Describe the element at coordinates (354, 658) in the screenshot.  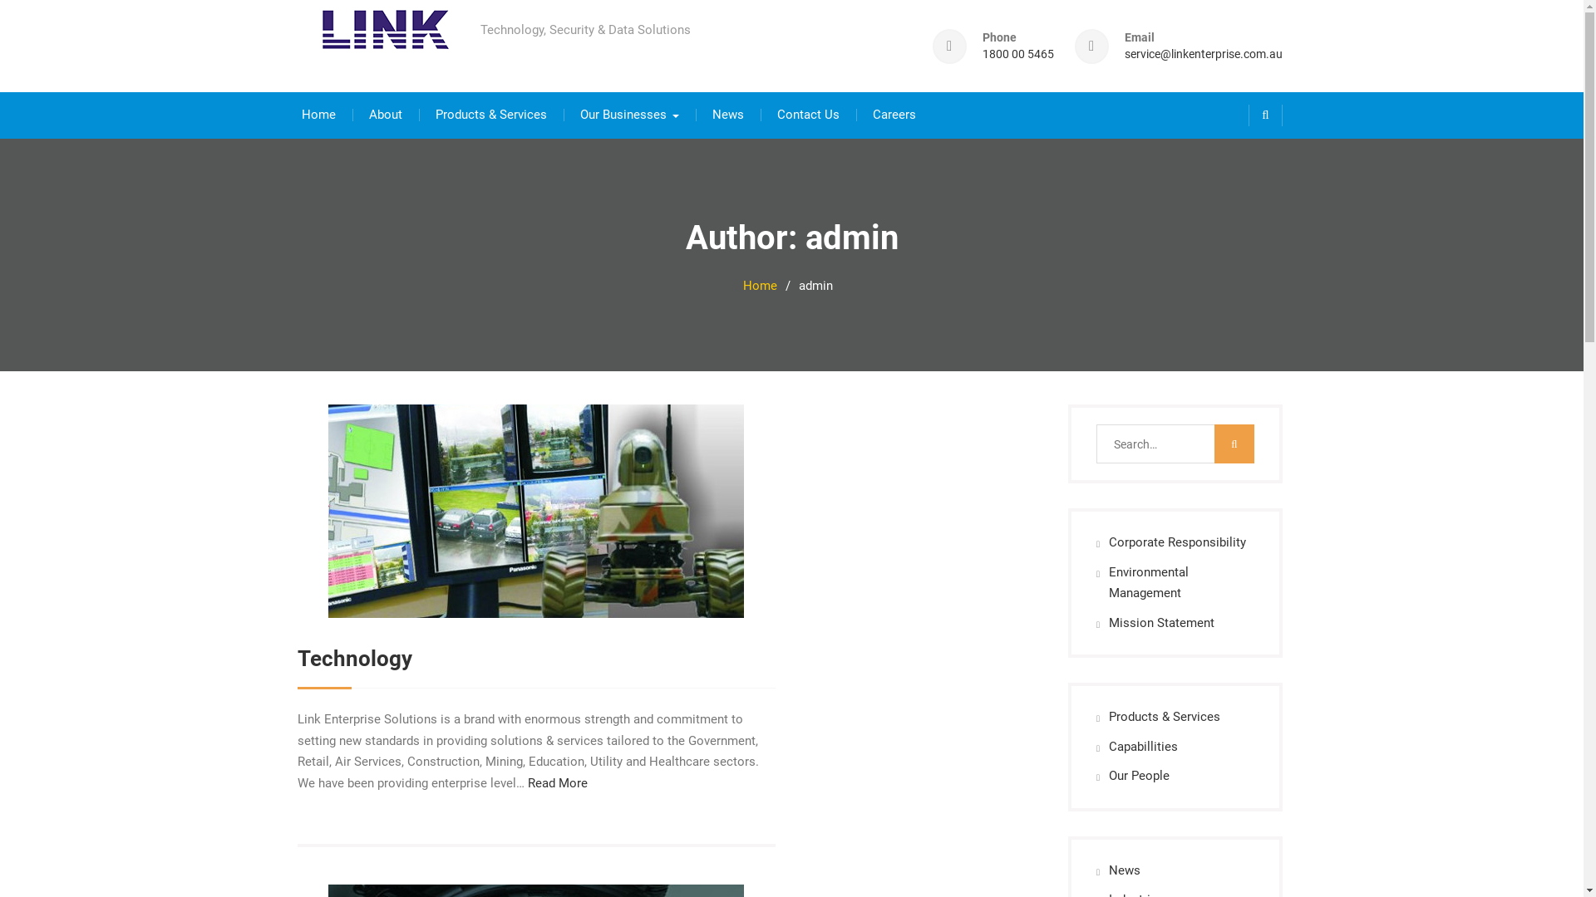
I see `'Technology'` at that location.